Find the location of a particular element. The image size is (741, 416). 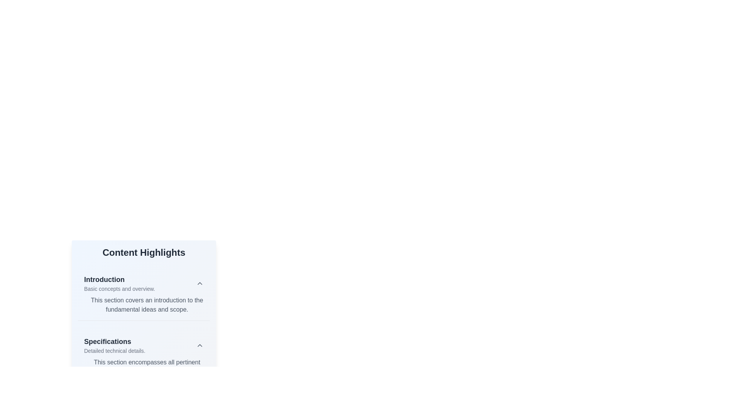

the collapsible header located just beneath 'Content Highlights' is located at coordinates (144, 283).